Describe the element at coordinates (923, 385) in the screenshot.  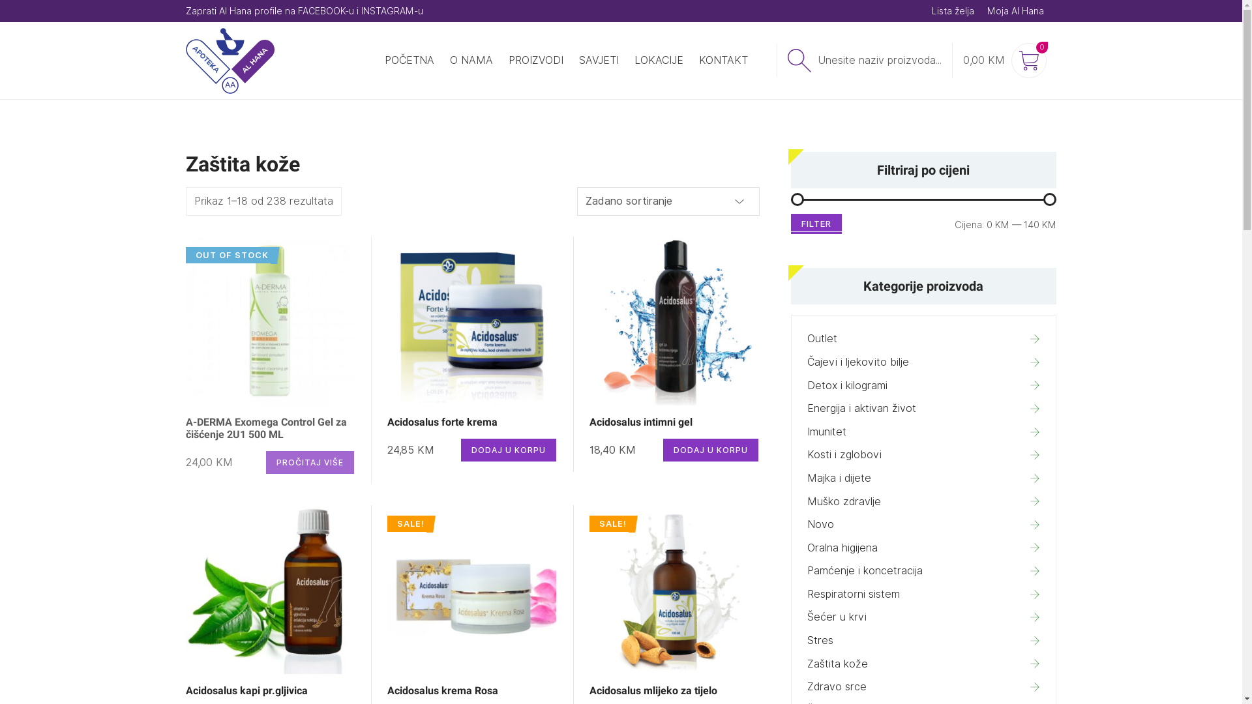
I see `'Detox i kilogrami'` at that location.